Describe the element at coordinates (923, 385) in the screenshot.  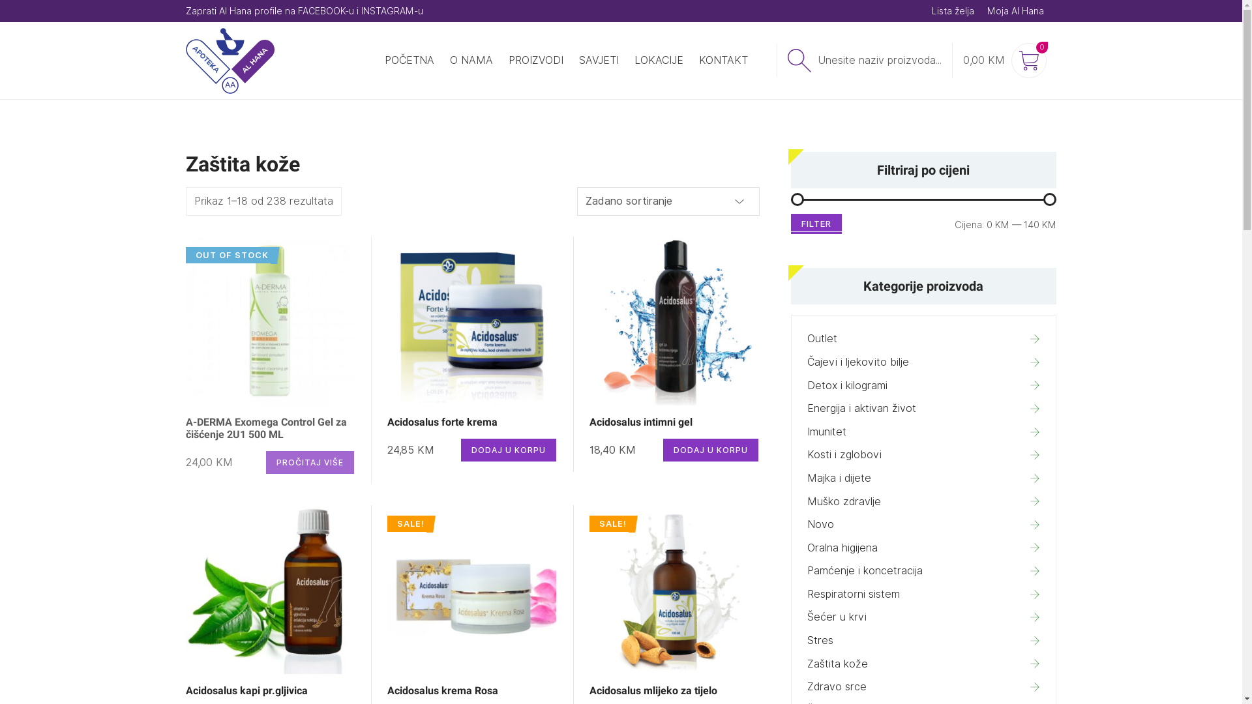
I see `'Detox i kilogrami'` at that location.